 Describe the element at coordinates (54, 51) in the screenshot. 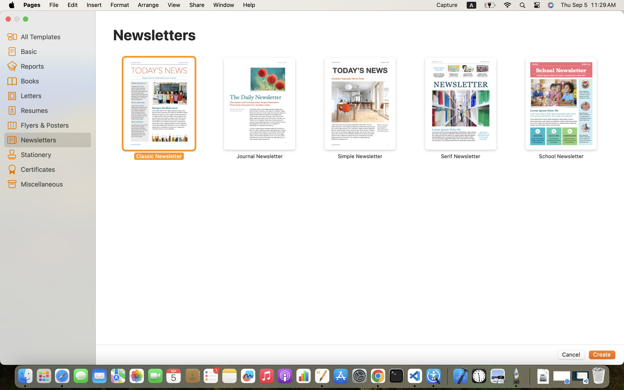

I see `'Basic'` at that location.